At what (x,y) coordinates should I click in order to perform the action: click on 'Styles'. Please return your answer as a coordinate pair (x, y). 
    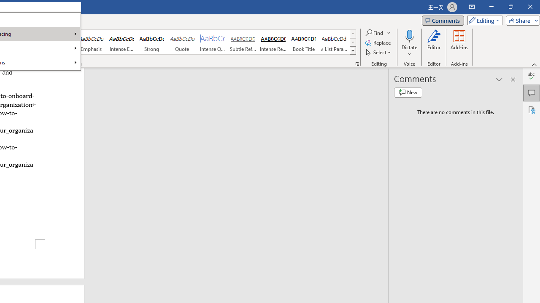
    Looking at the image, I should click on (353, 50).